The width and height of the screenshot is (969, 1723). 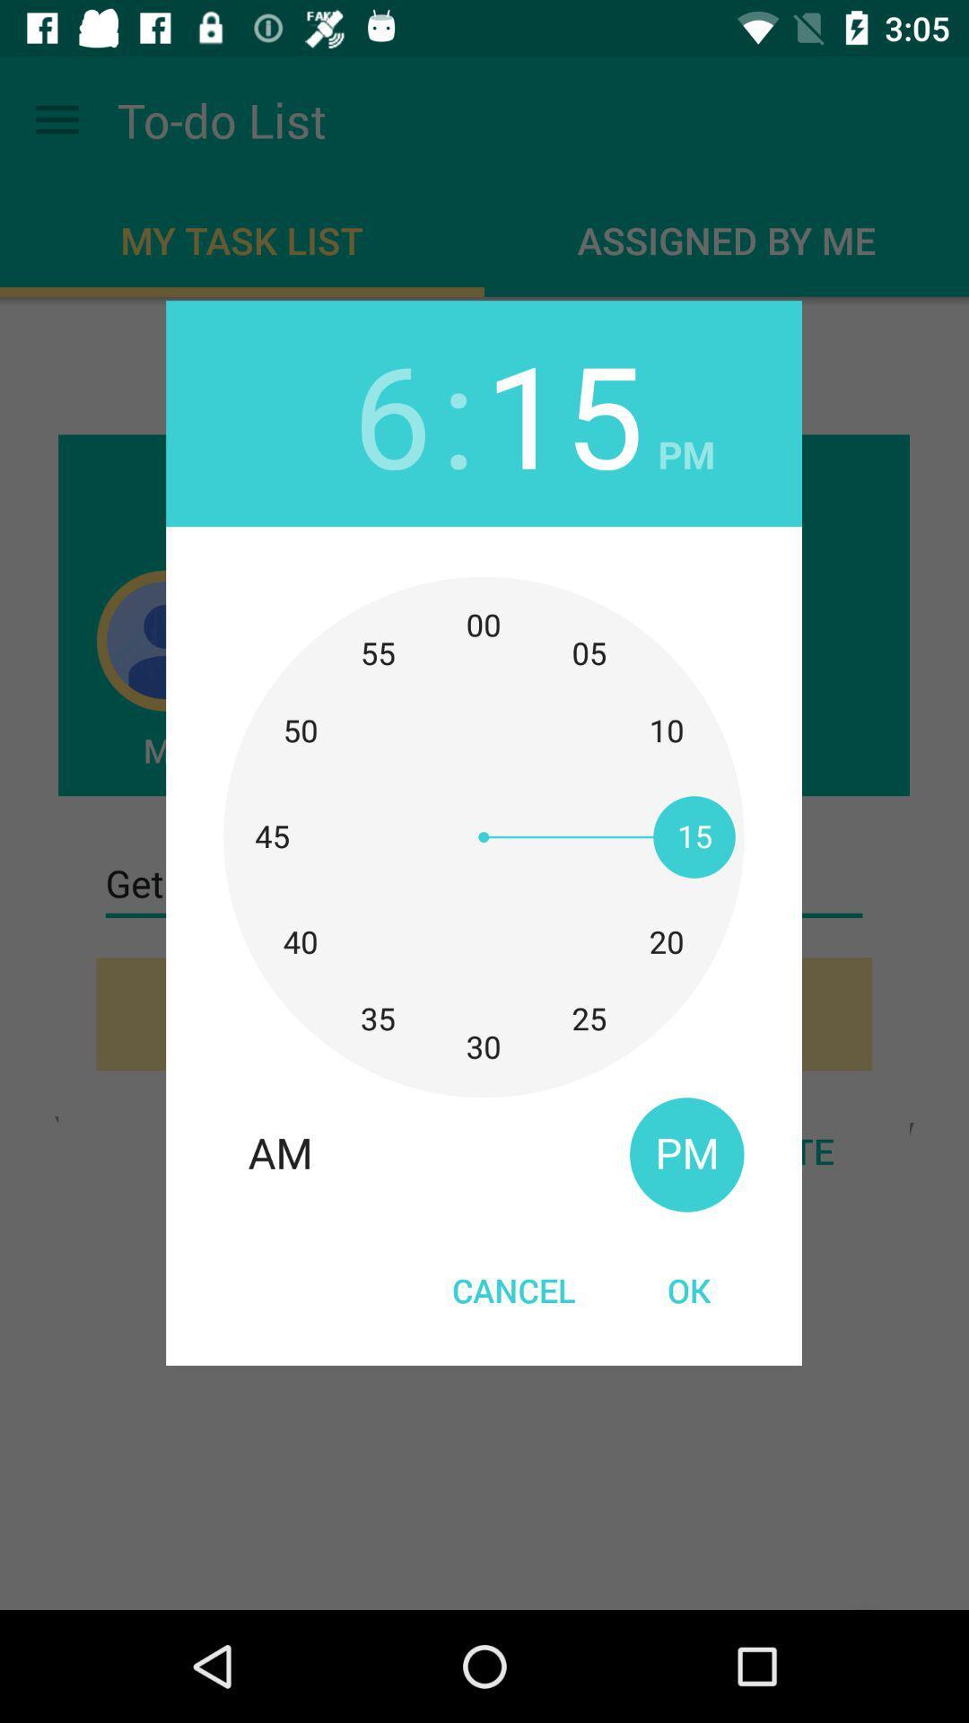 What do you see at coordinates (391, 412) in the screenshot?
I see `the 6 item` at bounding box center [391, 412].